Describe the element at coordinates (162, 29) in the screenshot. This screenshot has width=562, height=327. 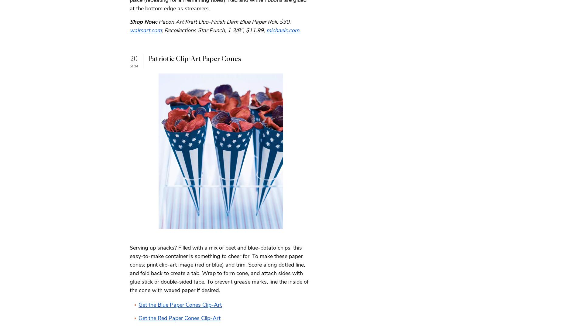
I see `'; Recollections Star Punch, 1 3/8", $11.99,'` at that location.